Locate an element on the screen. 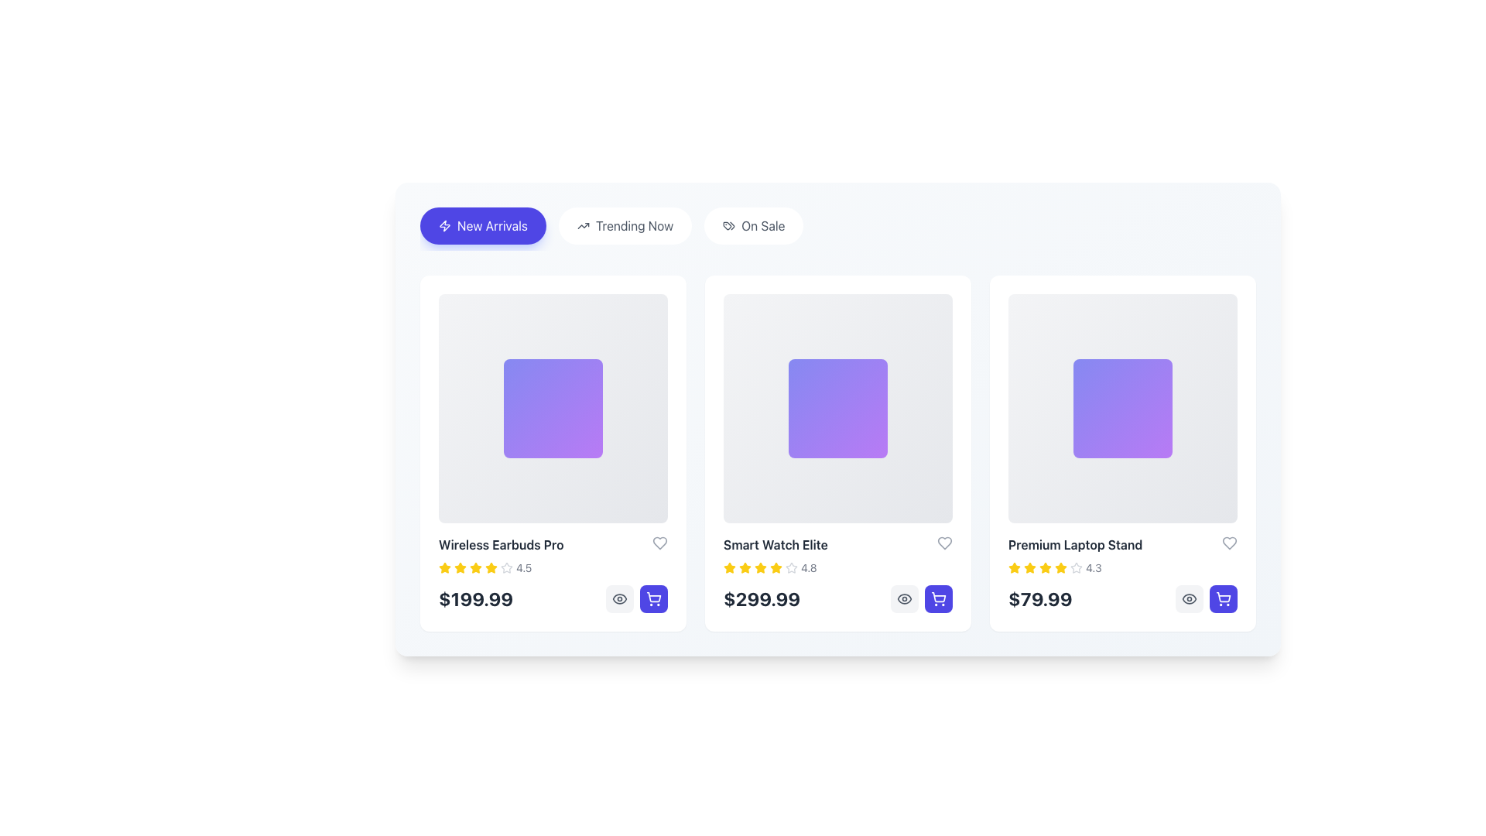 Image resolution: width=1486 pixels, height=836 pixels. the second highlighted star icon (yellow five-pointed star) in the 'Premium Laptop Stand' section is located at coordinates (1029, 567).